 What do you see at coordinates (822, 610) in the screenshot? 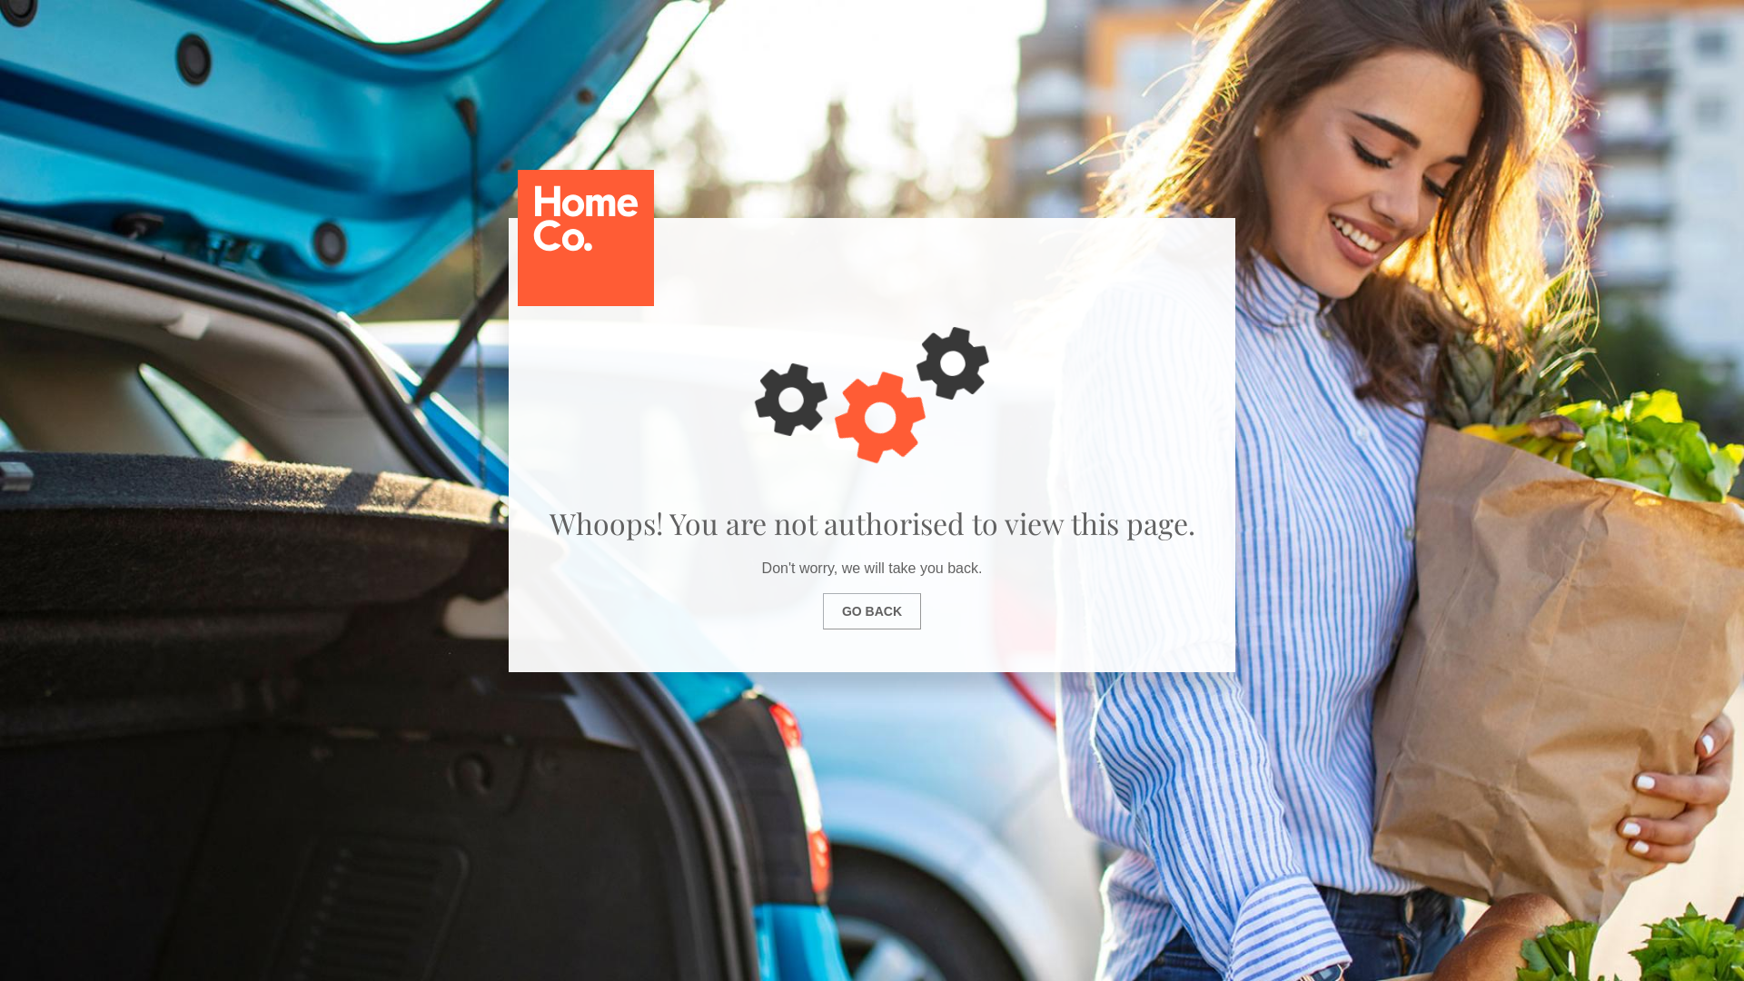
I see `'GO BACK'` at bounding box center [822, 610].